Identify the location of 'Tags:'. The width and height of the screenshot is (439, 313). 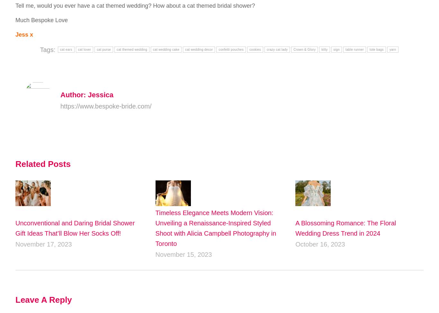
(48, 49).